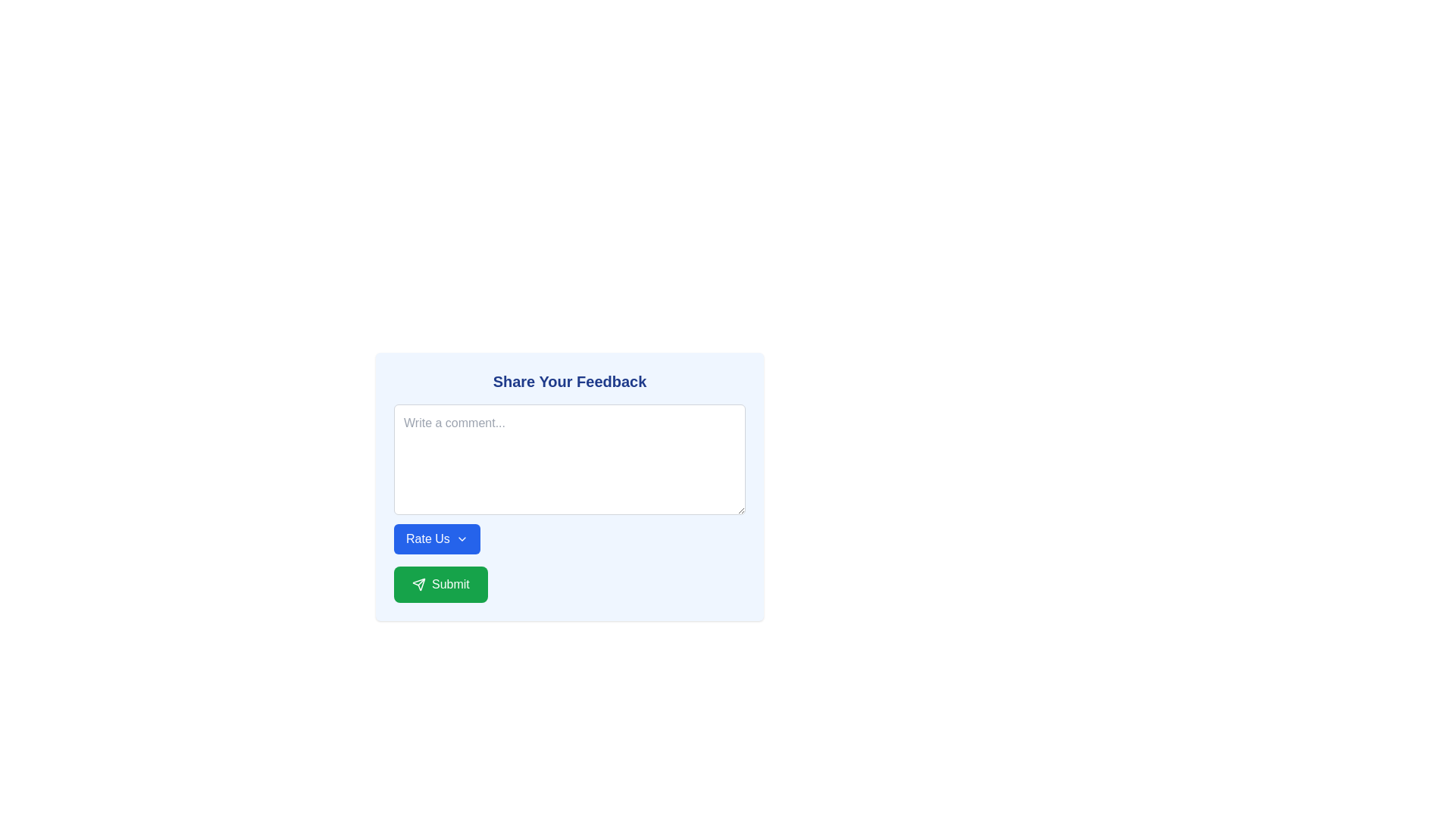 The width and height of the screenshot is (1455, 818). Describe the element at coordinates (440, 583) in the screenshot. I see `the green 'Submit' button with rounded corners, featuring white bold text and a paper plane icon` at that location.